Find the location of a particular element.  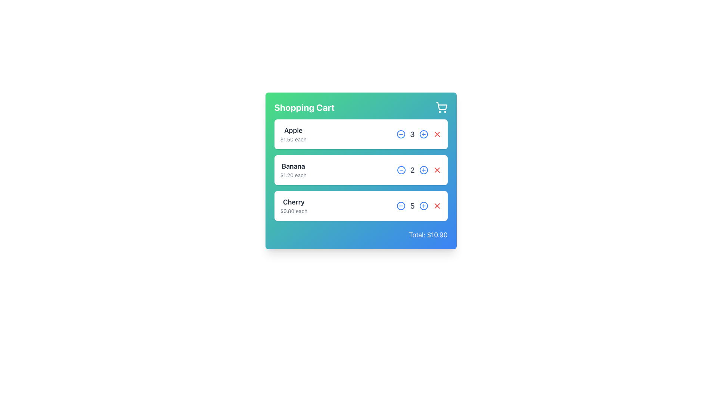

text label displaying 'Banana' located above the price '$1.20 each' in the shopping cart interface, positioned as the top text in the second item of the vertical list is located at coordinates (293, 166).